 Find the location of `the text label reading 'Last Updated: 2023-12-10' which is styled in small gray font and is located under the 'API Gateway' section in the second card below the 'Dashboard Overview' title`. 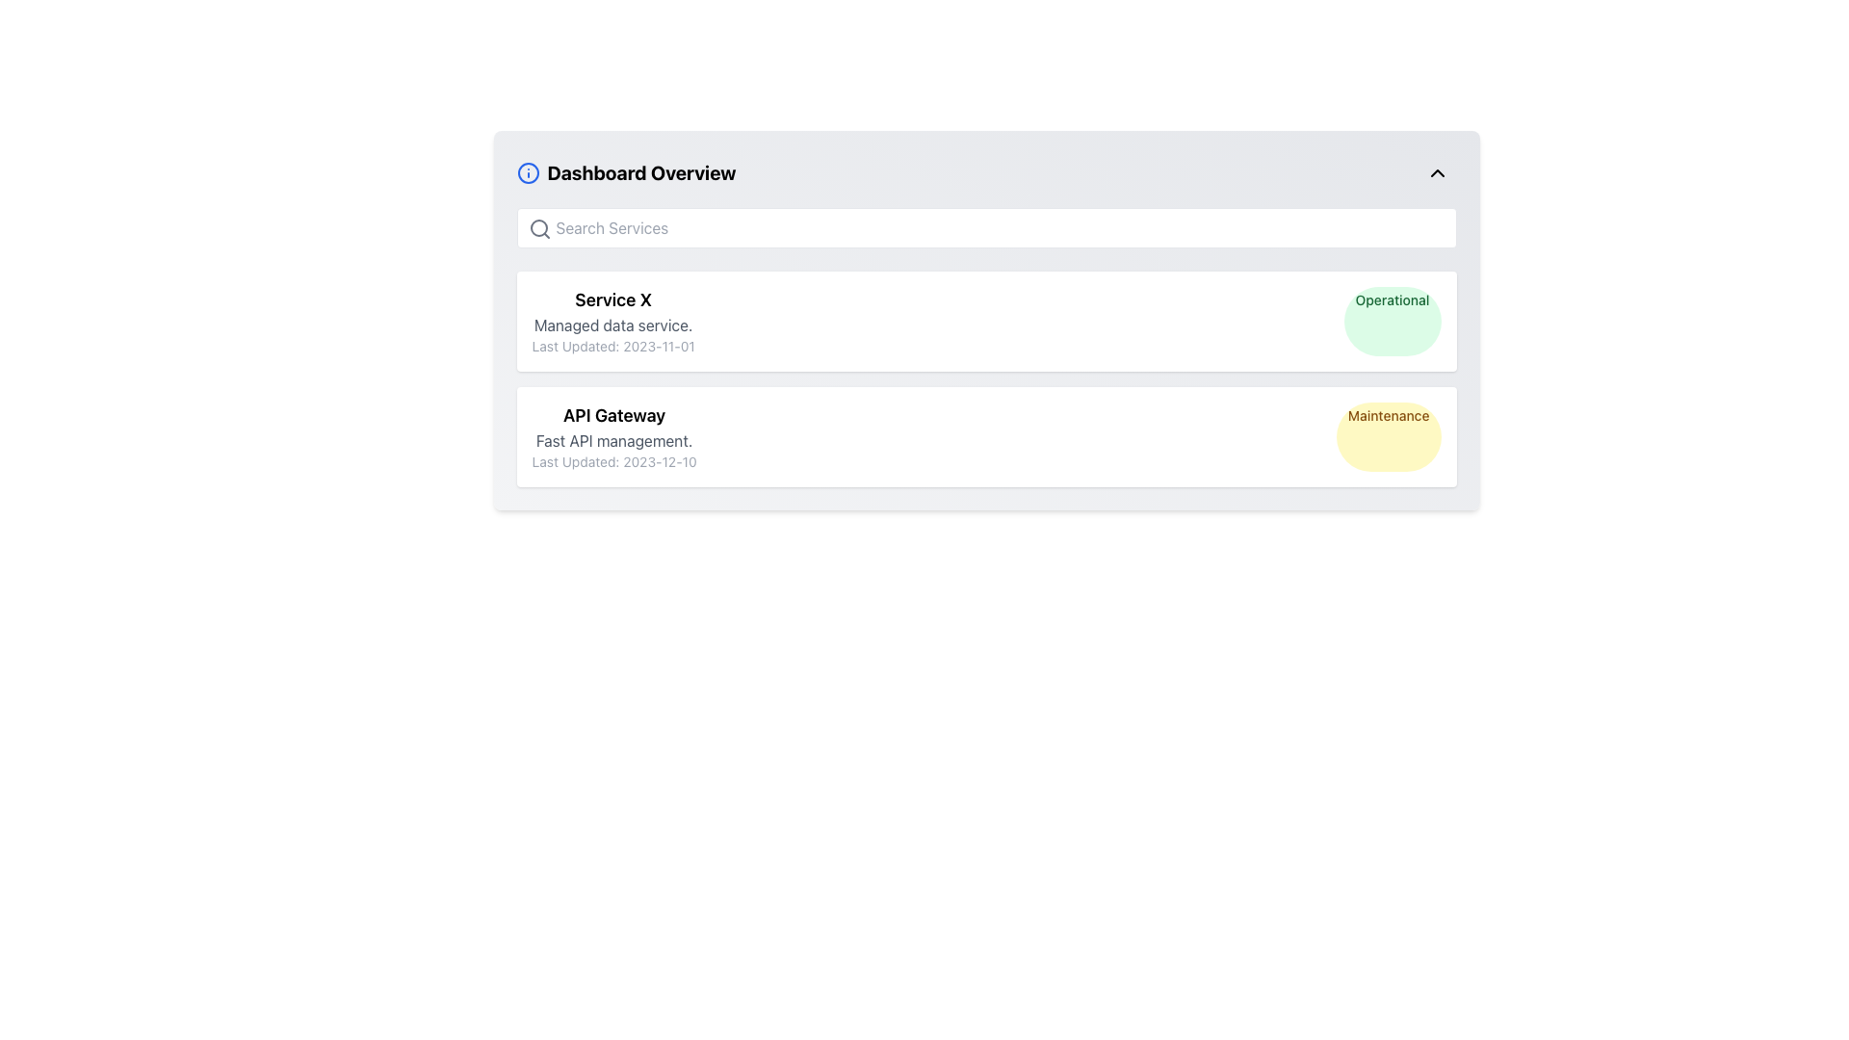

the text label reading 'Last Updated: 2023-12-10' which is styled in small gray font and is located under the 'API Gateway' section in the second card below the 'Dashboard Overview' title is located at coordinates (613, 461).